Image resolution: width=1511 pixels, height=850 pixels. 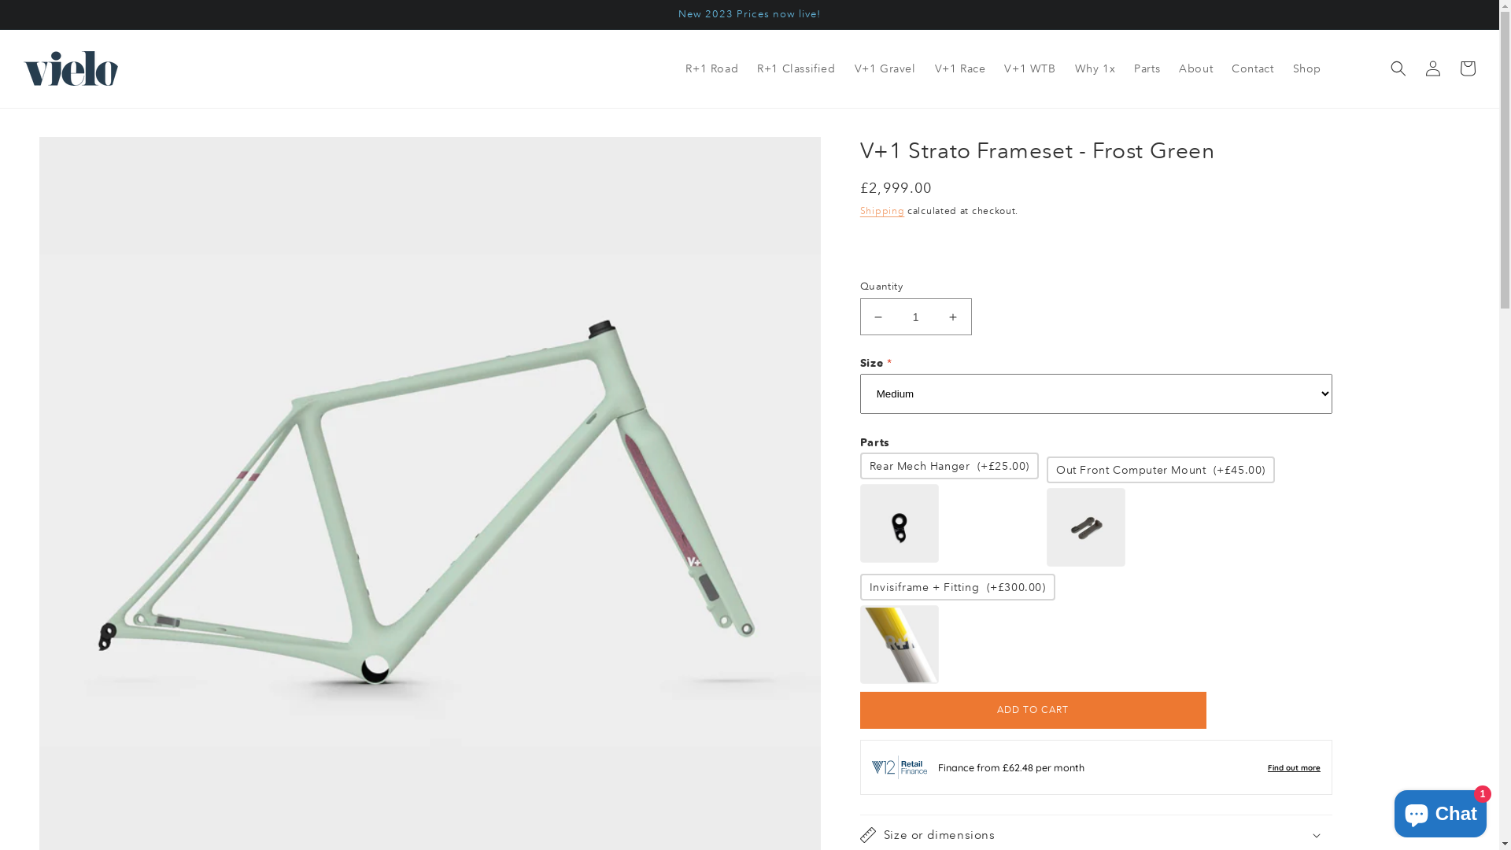 I want to click on 'V+1 Race', so click(x=959, y=68).